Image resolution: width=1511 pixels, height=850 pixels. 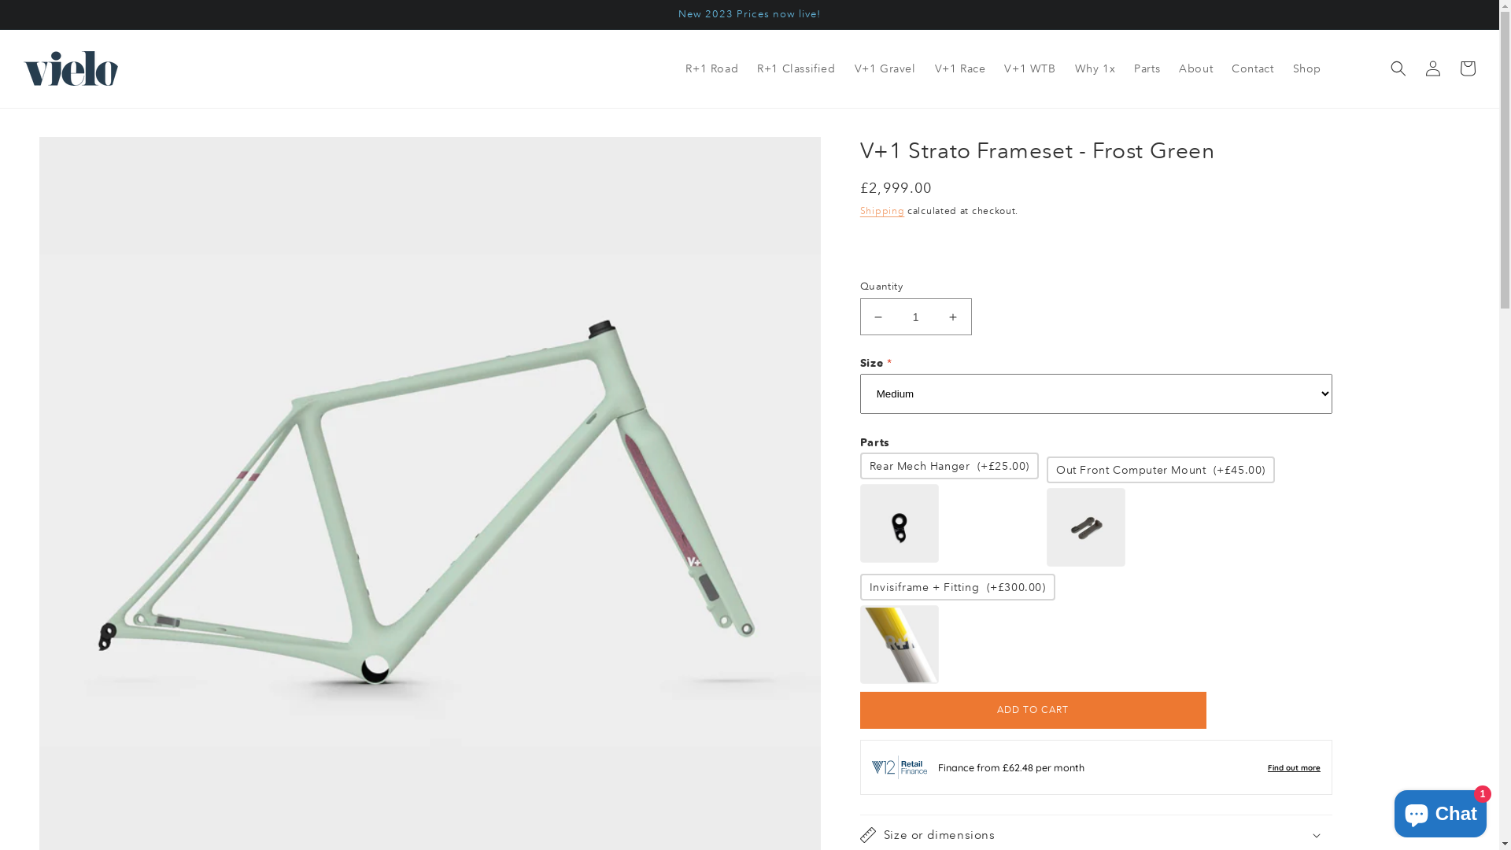 I want to click on 'V+1 Race', so click(x=959, y=68).